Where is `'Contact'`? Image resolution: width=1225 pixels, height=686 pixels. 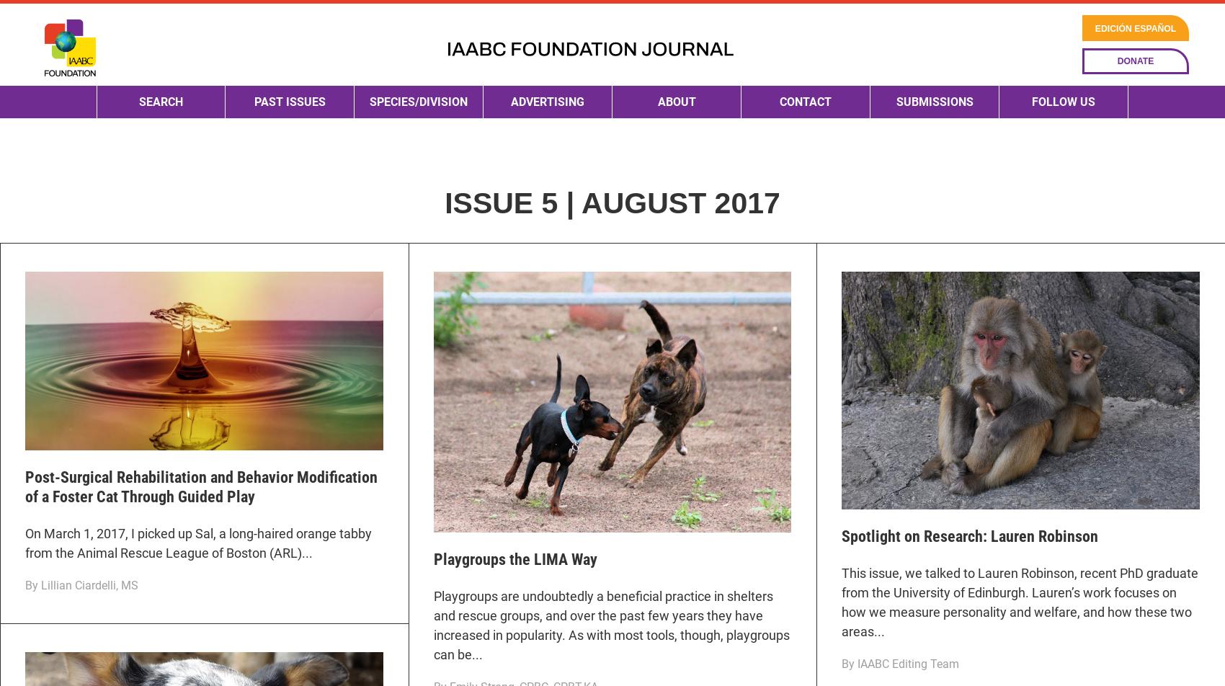
'Contact' is located at coordinates (780, 151).